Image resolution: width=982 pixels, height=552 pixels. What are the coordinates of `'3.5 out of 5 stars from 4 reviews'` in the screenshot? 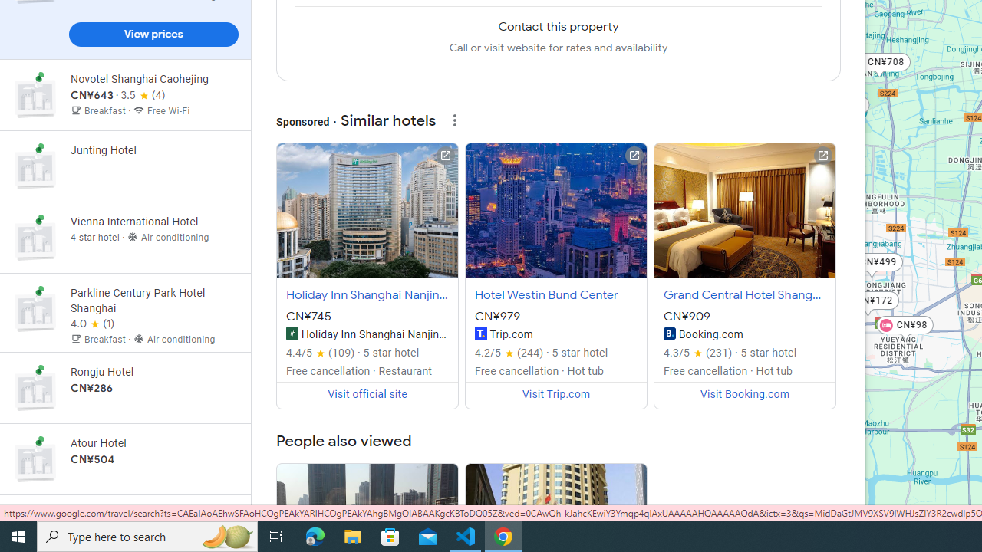 It's located at (143, 96).